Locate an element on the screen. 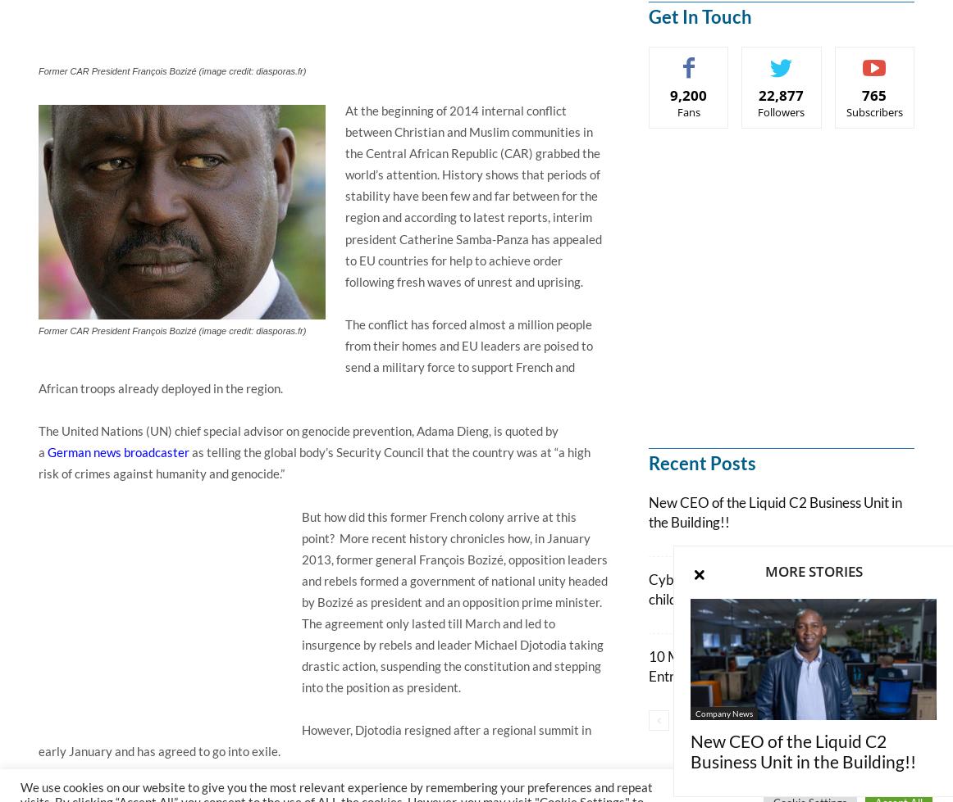  '9,200' is located at coordinates (688, 95).